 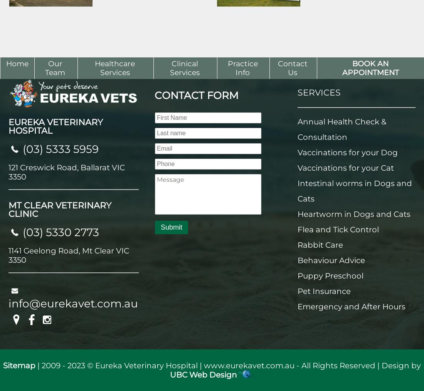 I want to click on '(03) 5333 5959', so click(x=22, y=149).